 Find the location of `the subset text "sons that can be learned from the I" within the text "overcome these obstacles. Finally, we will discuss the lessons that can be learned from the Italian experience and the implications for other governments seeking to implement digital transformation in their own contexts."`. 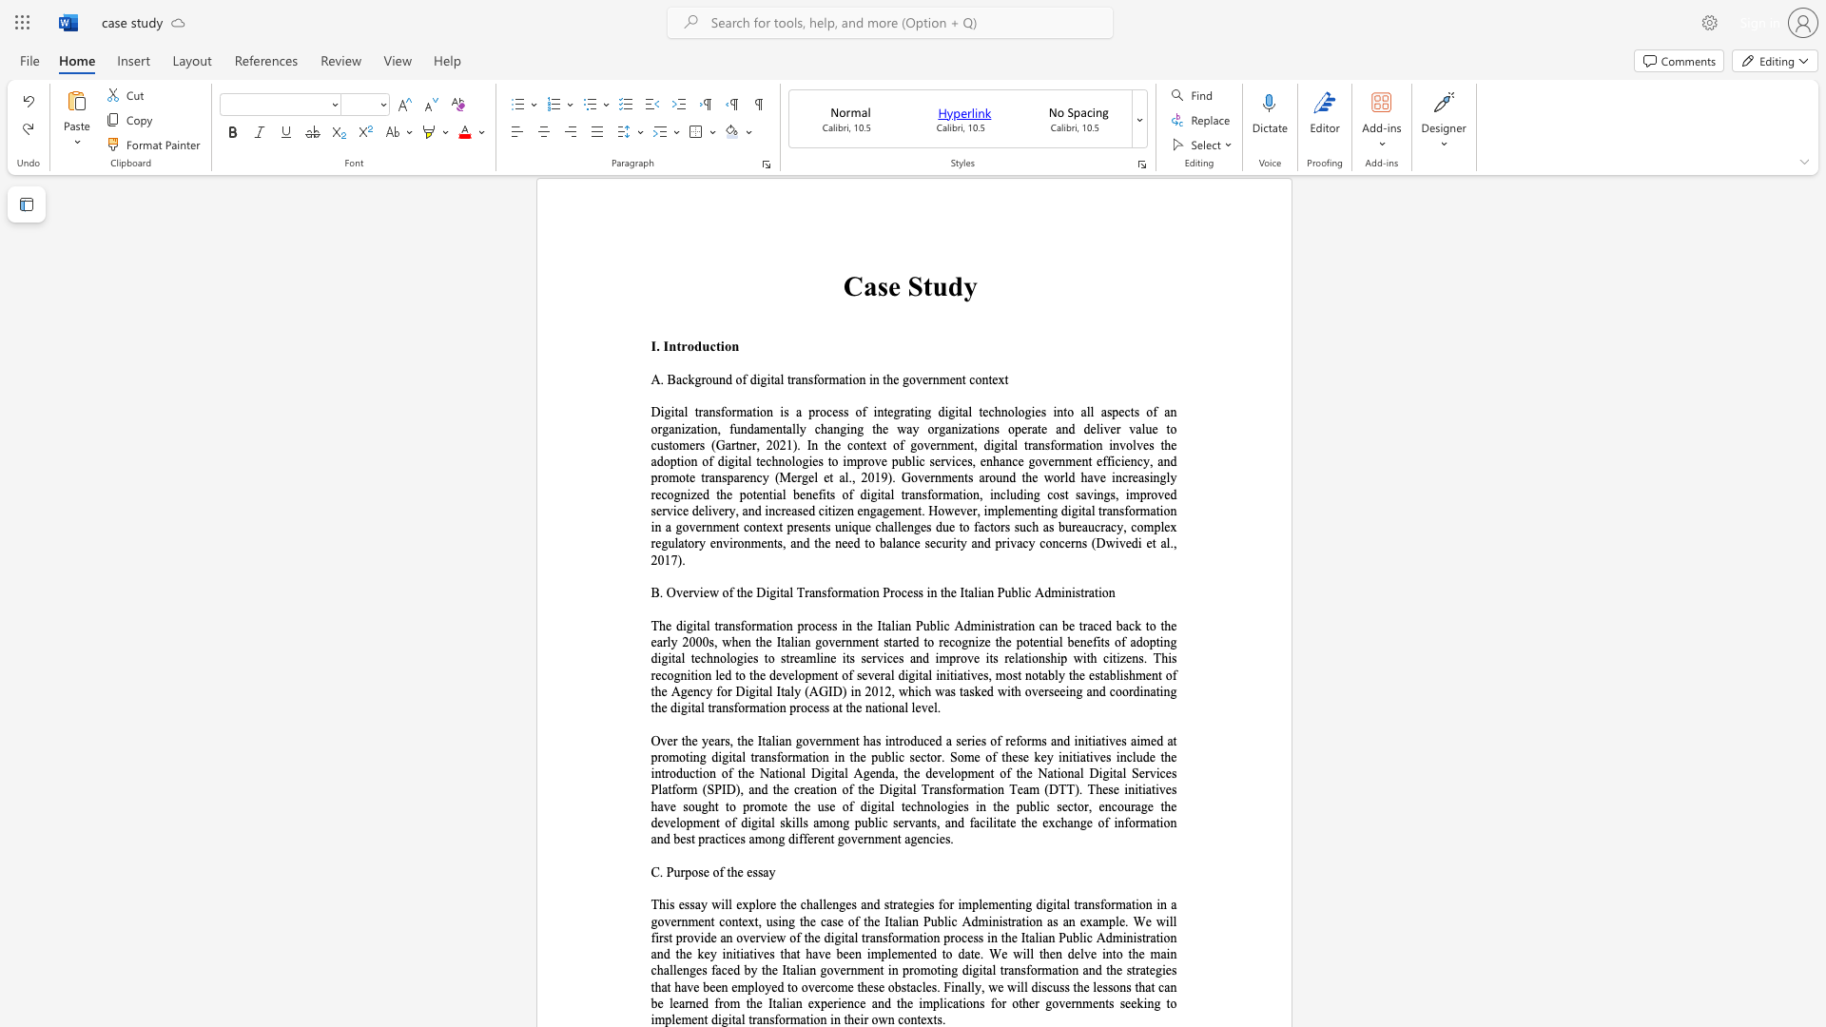

the subset text "sons that can be learned from the I" within the text "overcome these obstacles. Finally, we will discuss the lessons that can be learned from the Italian experience and the implications for other governments seeking to implement digital transformation in their own contexts." is located at coordinates (1107, 986).